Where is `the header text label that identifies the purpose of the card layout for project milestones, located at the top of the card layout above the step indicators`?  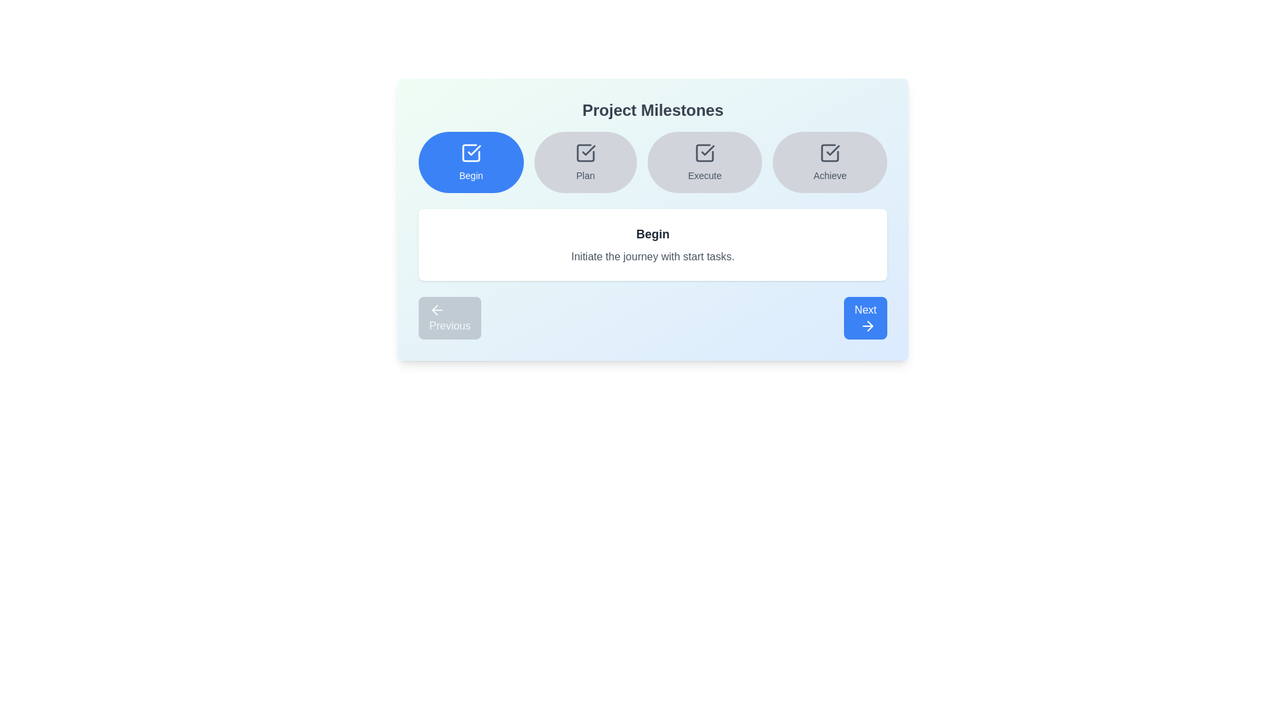 the header text label that identifies the purpose of the card layout for project milestones, located at the top of the card layout above the step indicators is located at coordinates (652, 109).